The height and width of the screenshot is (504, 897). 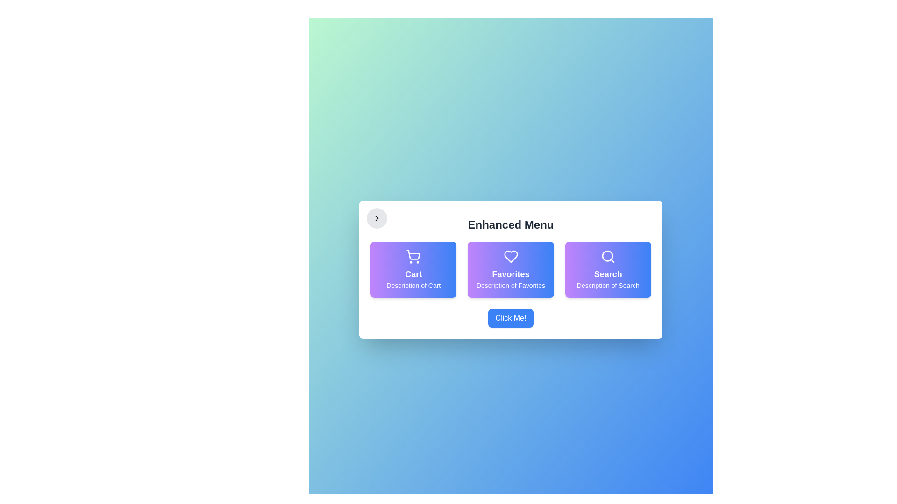 I want to click on left chevron button to toggle the menu visibility, so click(x=377, y=218).